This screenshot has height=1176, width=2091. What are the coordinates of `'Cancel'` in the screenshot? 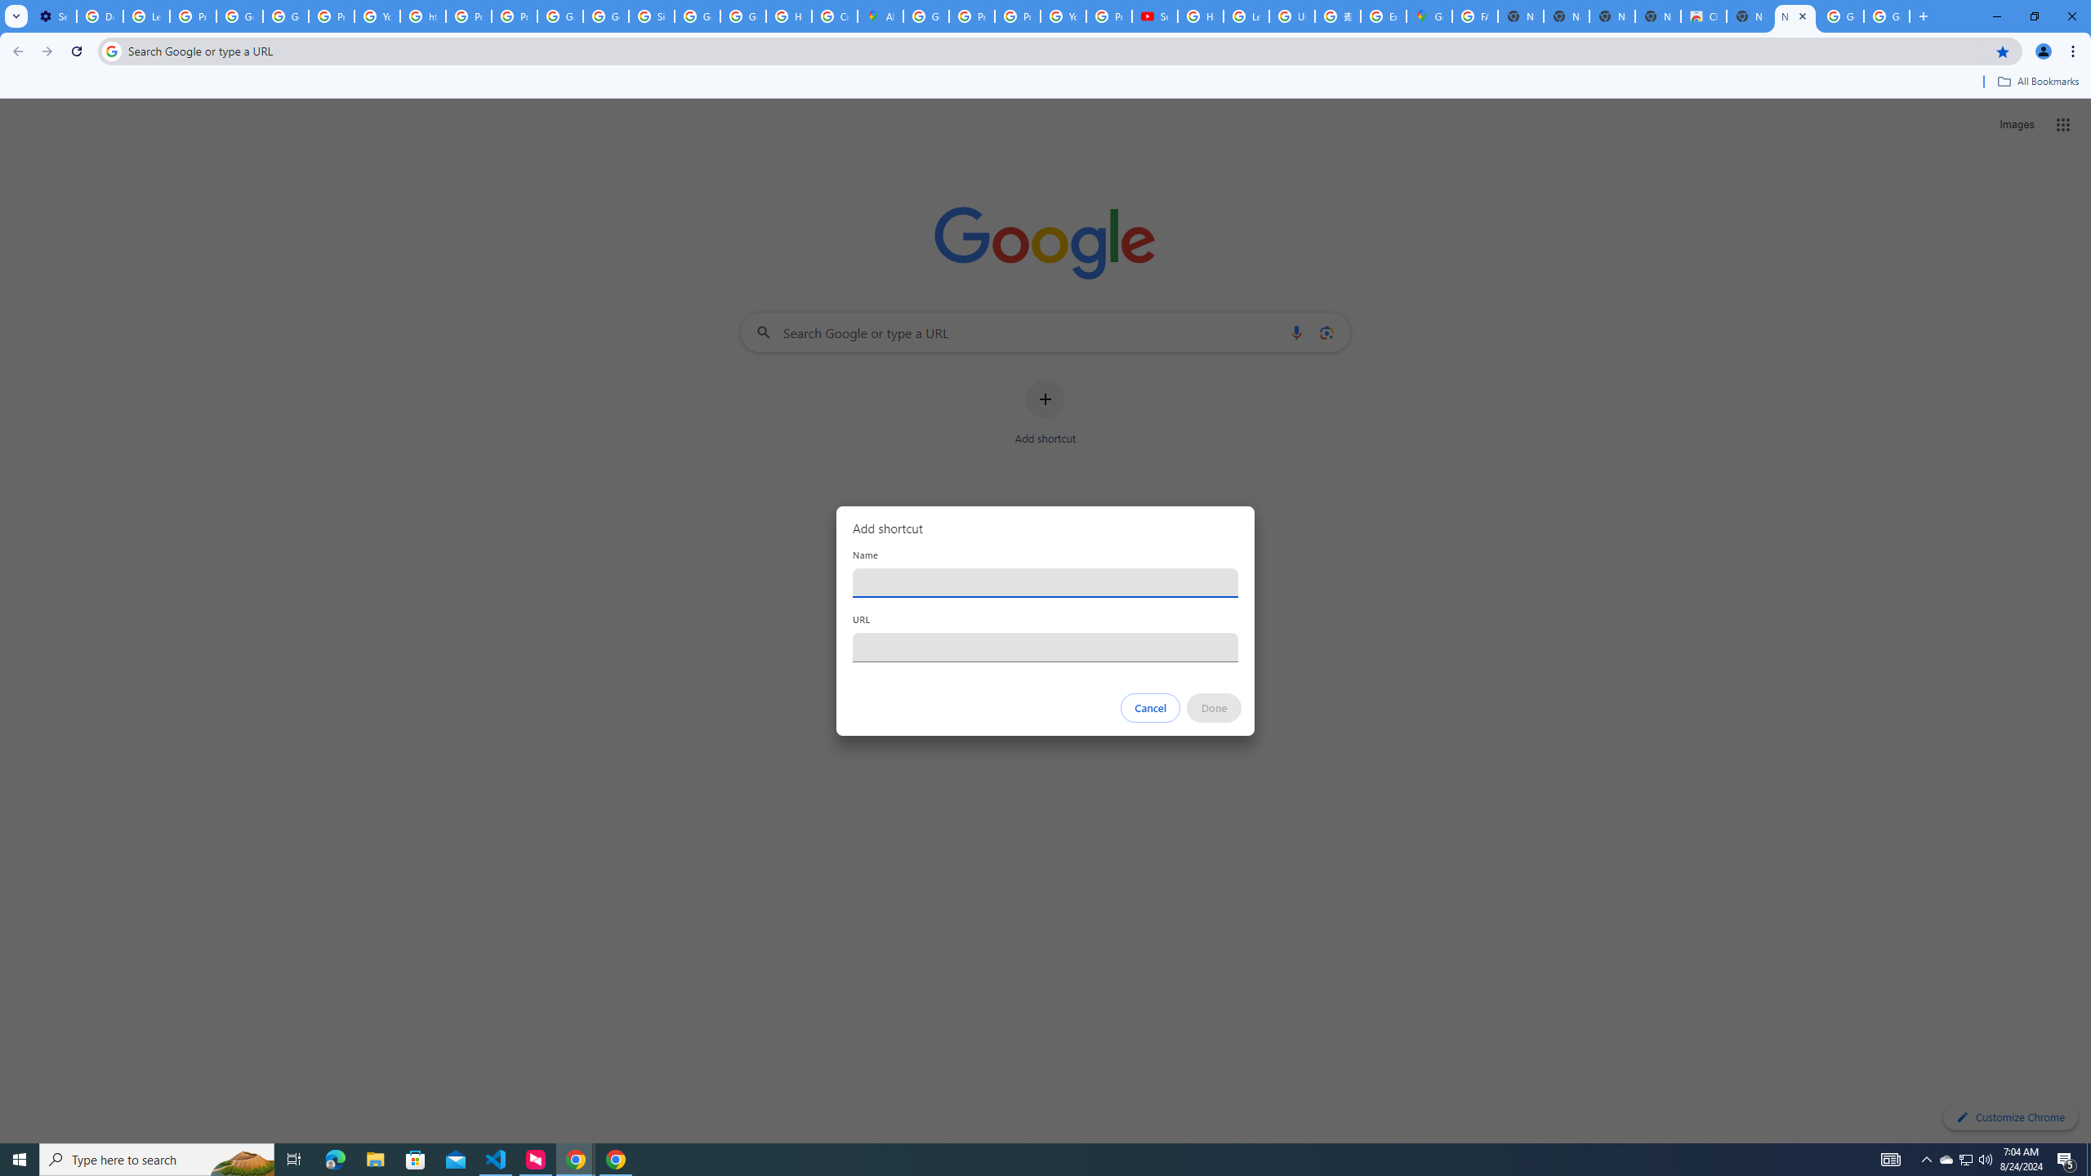 It's located at (1151, 707).